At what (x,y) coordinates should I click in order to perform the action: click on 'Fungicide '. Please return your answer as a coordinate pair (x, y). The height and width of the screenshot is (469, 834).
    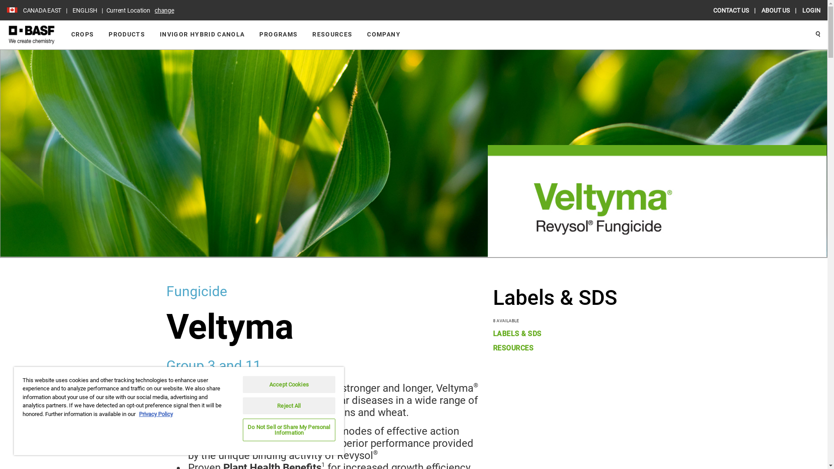
    Looking at the image, I should click on (166, 291).